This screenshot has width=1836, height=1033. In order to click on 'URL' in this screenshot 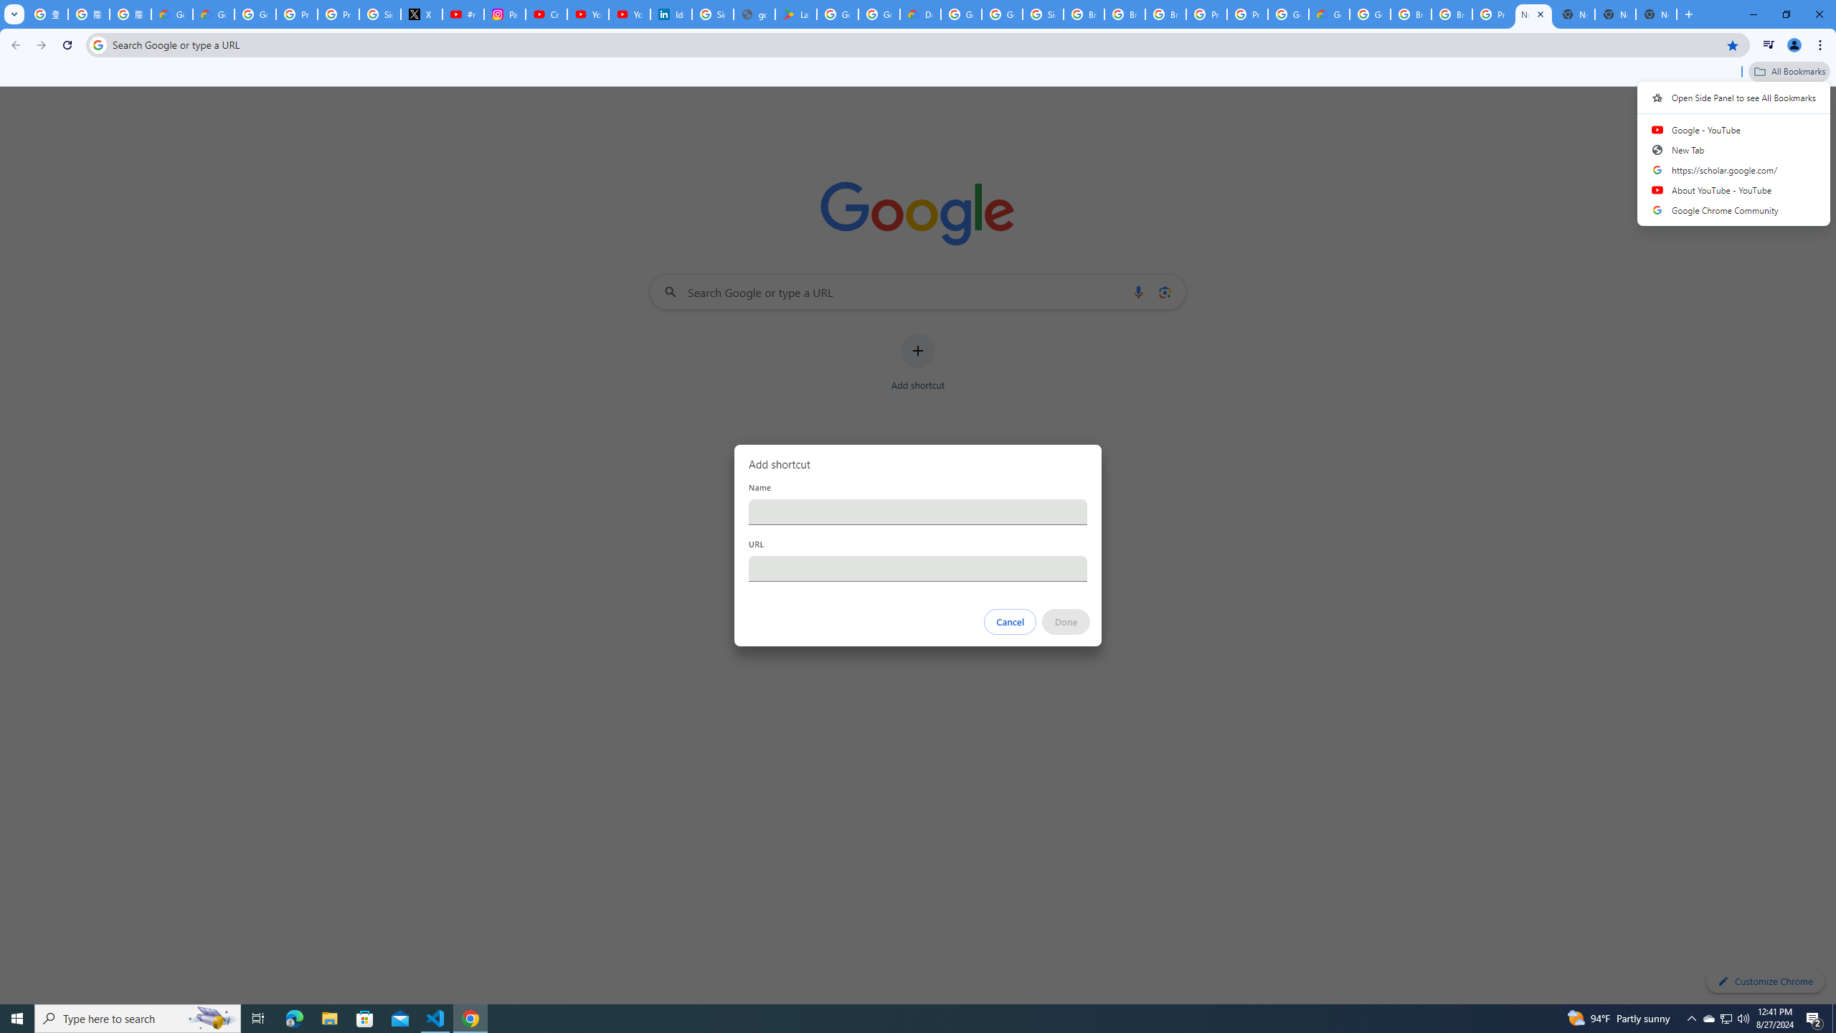, I will do `click(918, 568)`.